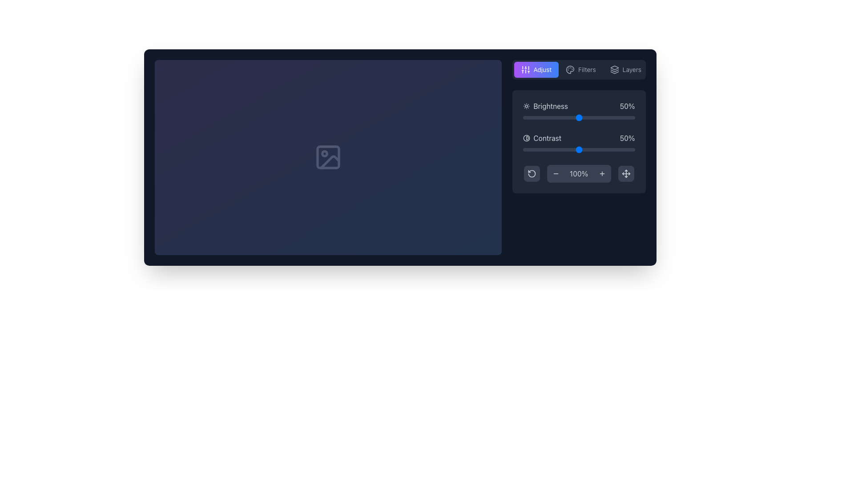  I want to click on the icon button located at the far-right in the action bar section, just above the adjustment panel, so click(614, 69).